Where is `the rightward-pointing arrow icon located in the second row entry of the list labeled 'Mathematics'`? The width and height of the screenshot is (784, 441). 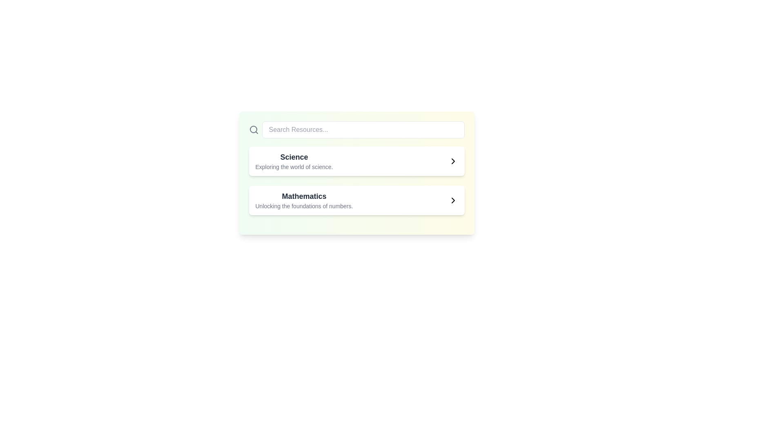
the rightward-pointing arrow icon located in the second row entry of the list labeled 'Mathematics' is located at coordinates (452, 200).